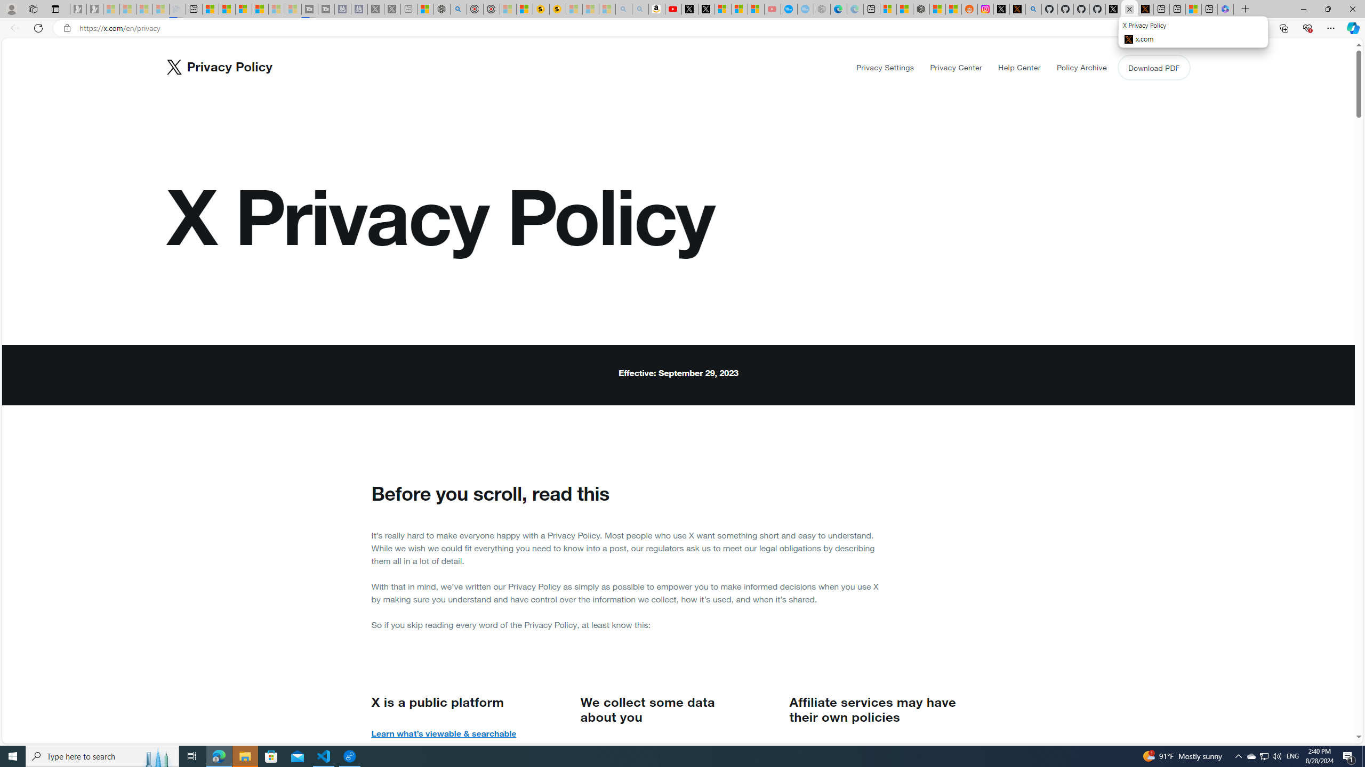 The image size is (1365, 767). Describe the element at coordinates (1019, 67) in the screenshot. I see `'Help Center'` at that location.